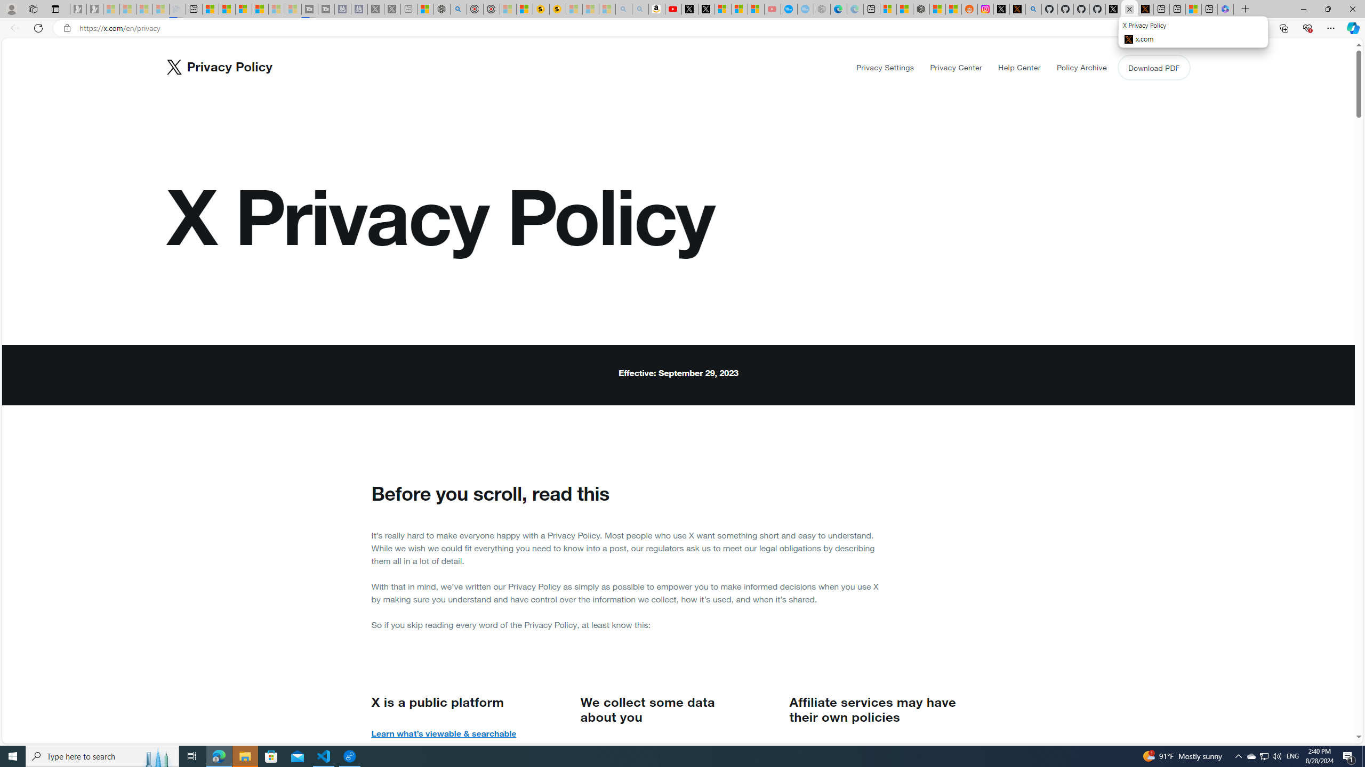 The image size is (1365, 767). Describe the element at coordinates (1019, 67) in the screenshot. I see `'Help Center'` at that location.